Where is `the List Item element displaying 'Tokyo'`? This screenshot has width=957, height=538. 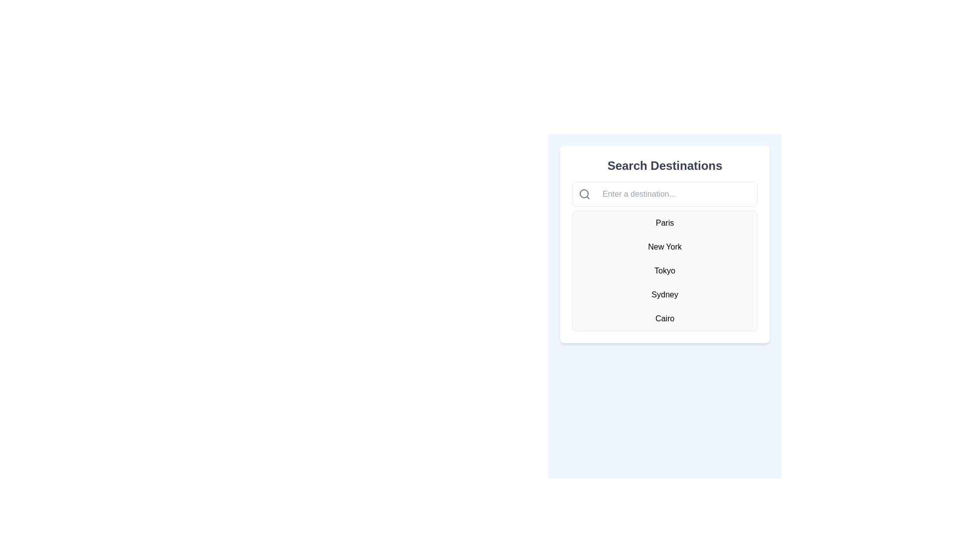 the List Item element displaying 'Tokyo' is located at coordinates (665, 270).